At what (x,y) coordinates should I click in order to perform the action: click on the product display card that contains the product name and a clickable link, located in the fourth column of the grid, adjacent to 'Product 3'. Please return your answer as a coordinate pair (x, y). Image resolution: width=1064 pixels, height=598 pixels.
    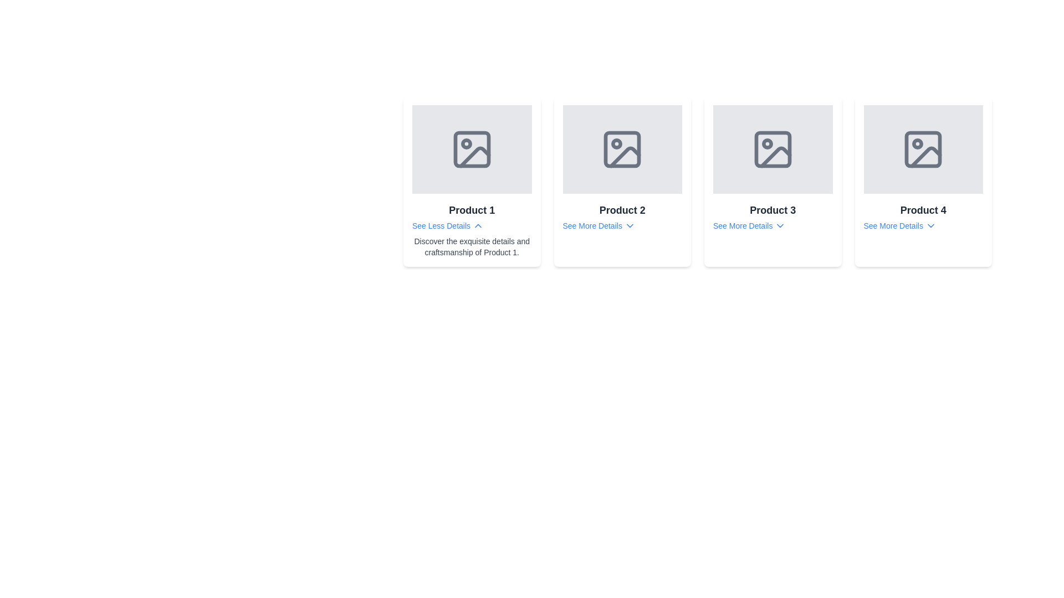
    Looking at the image, I should click on (923, 181).